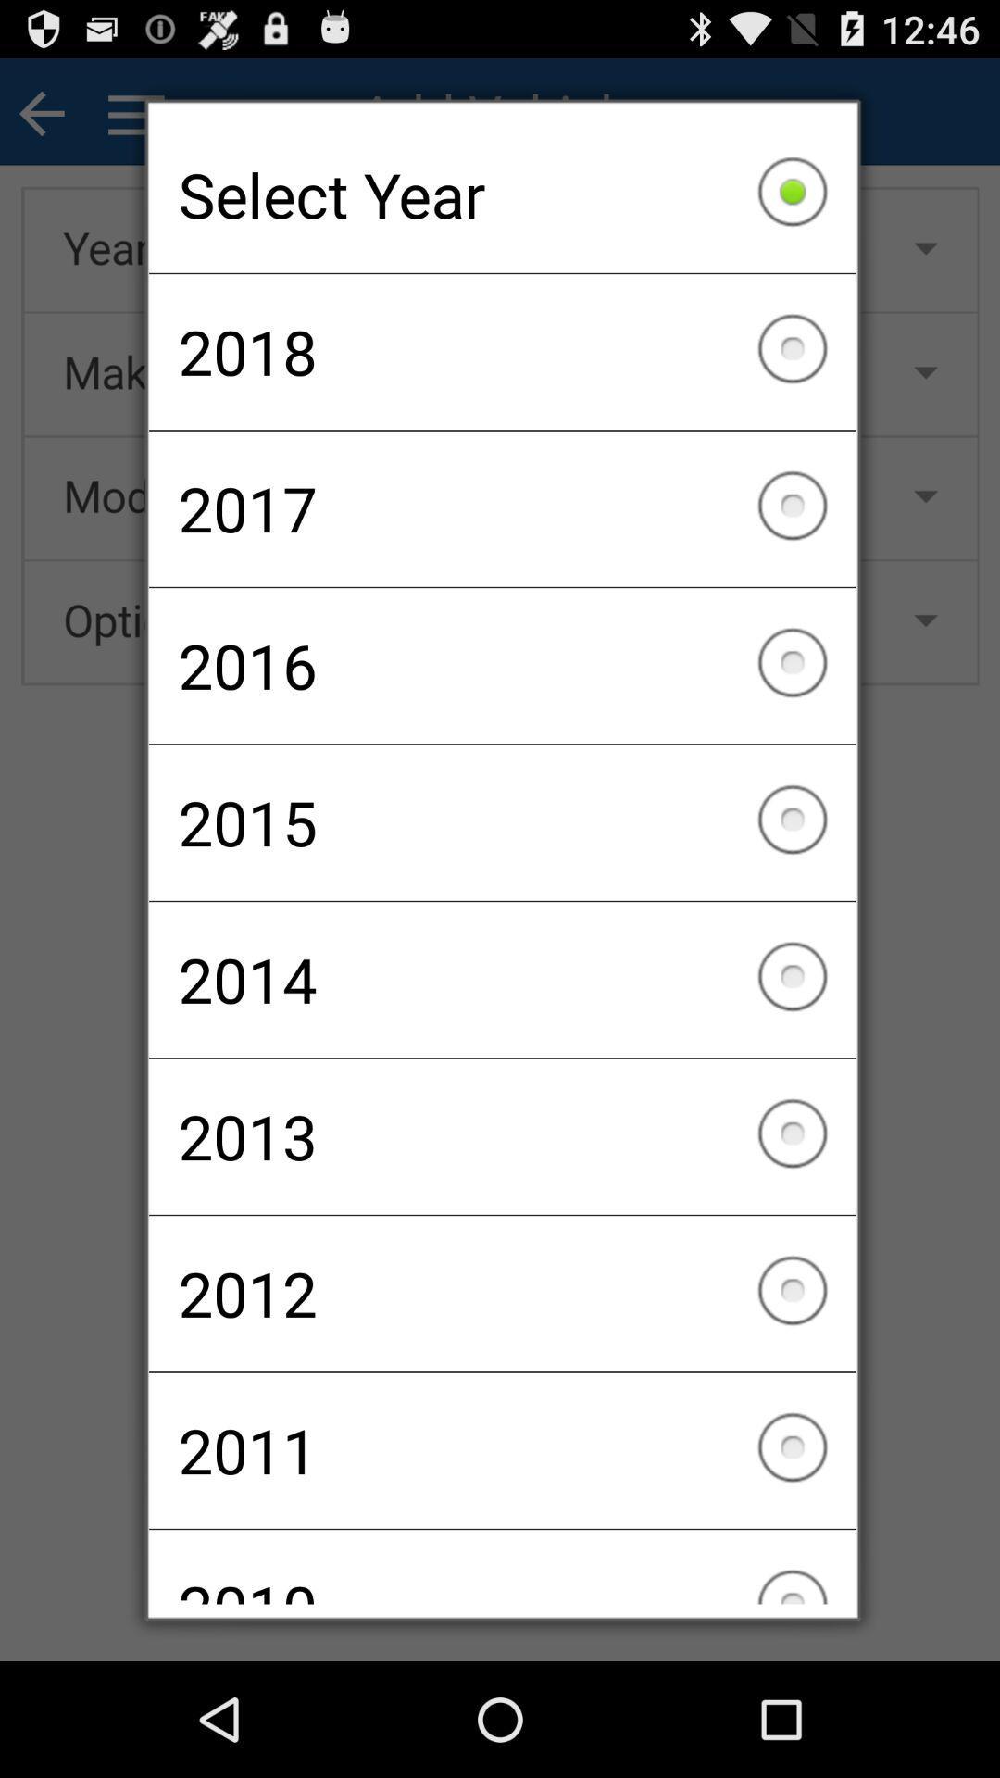 Image resolution: width=1000 pixels, height=1778 pixels. Describe the element at coordinates (502, 1293) in the screenshot. I see `2012 icon` at that location.